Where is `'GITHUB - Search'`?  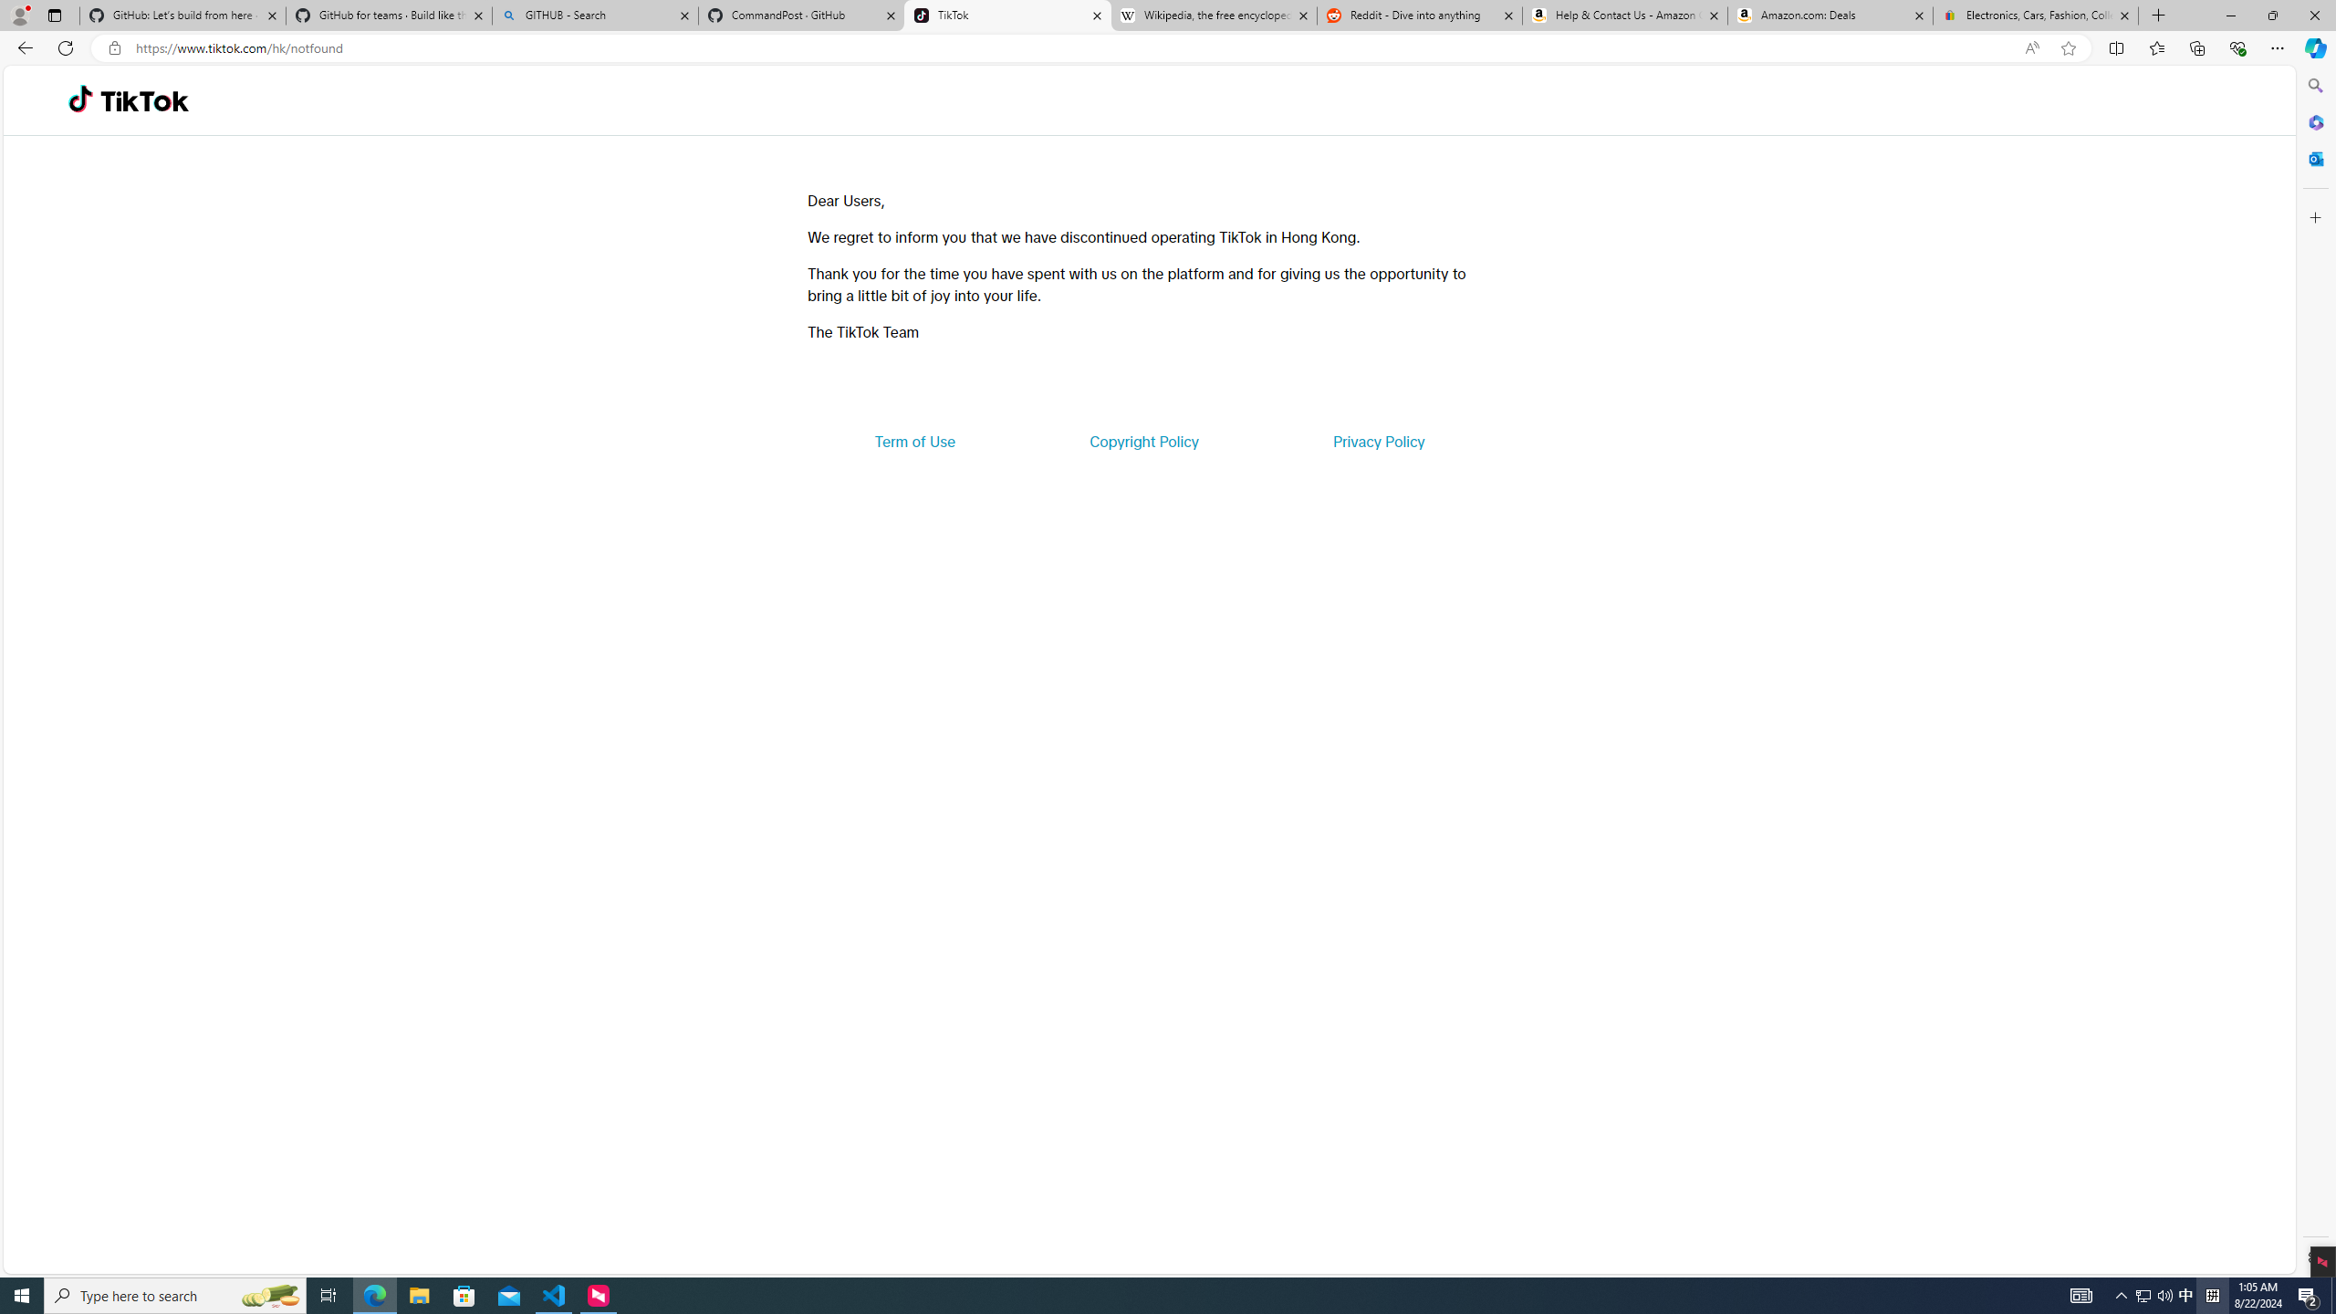 'GITHUB - Search' is located at coordinates (594, 15).